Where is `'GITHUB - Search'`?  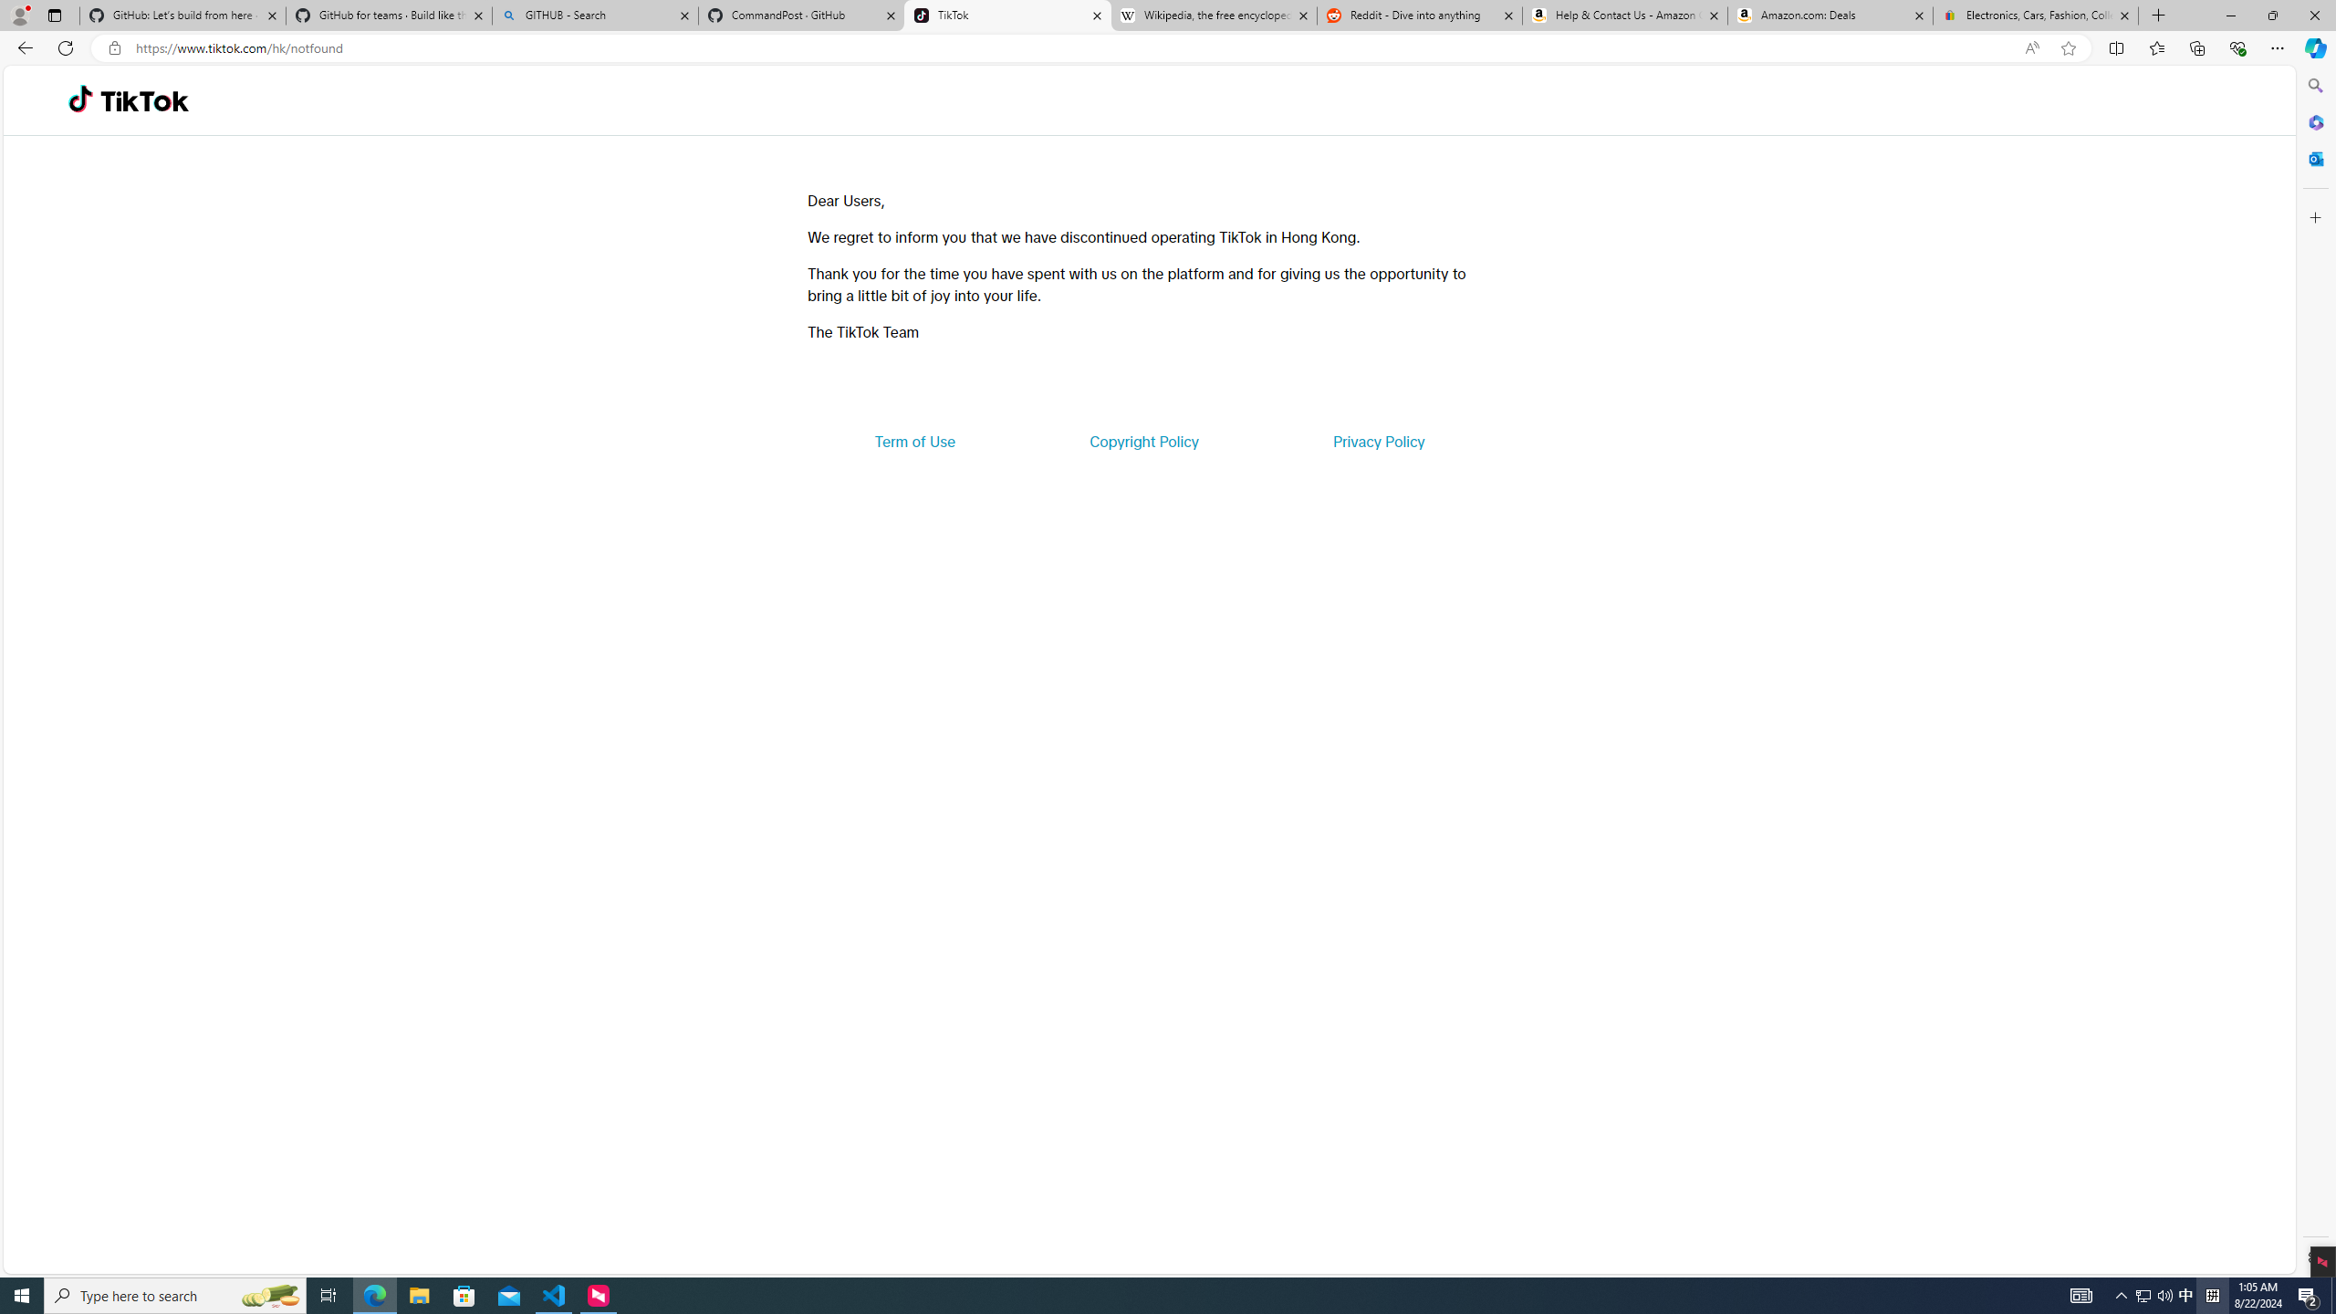 'GITHUB - Search' is located at coordinates (594, 15).